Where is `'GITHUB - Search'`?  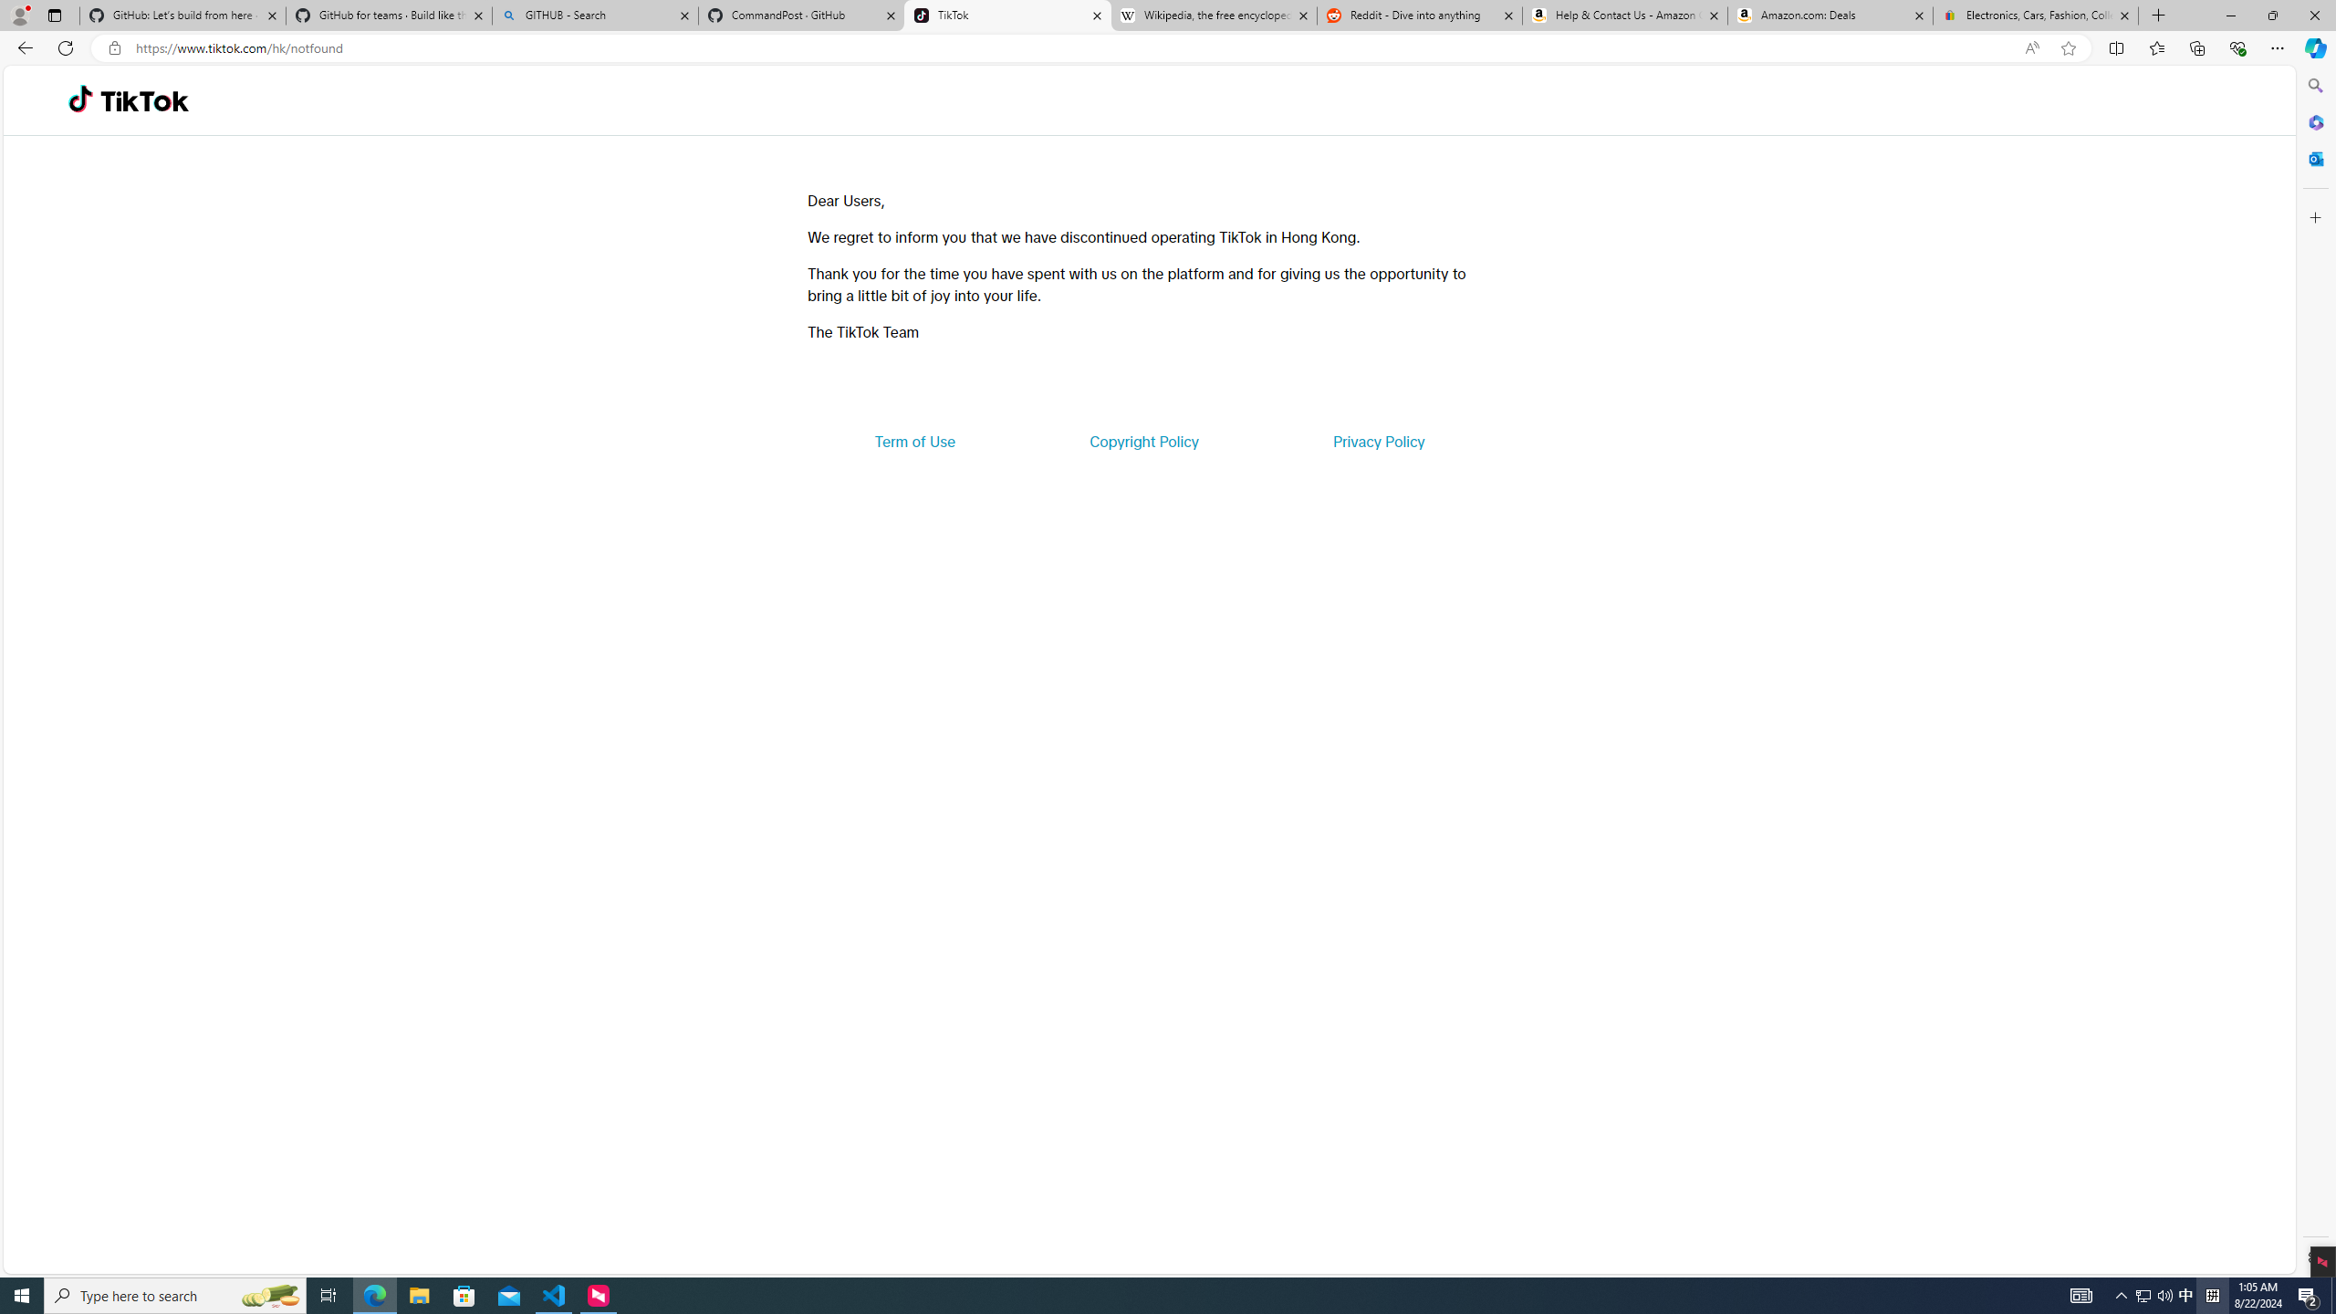 'GITHUB - Search' is located at coordinates (594, 15).